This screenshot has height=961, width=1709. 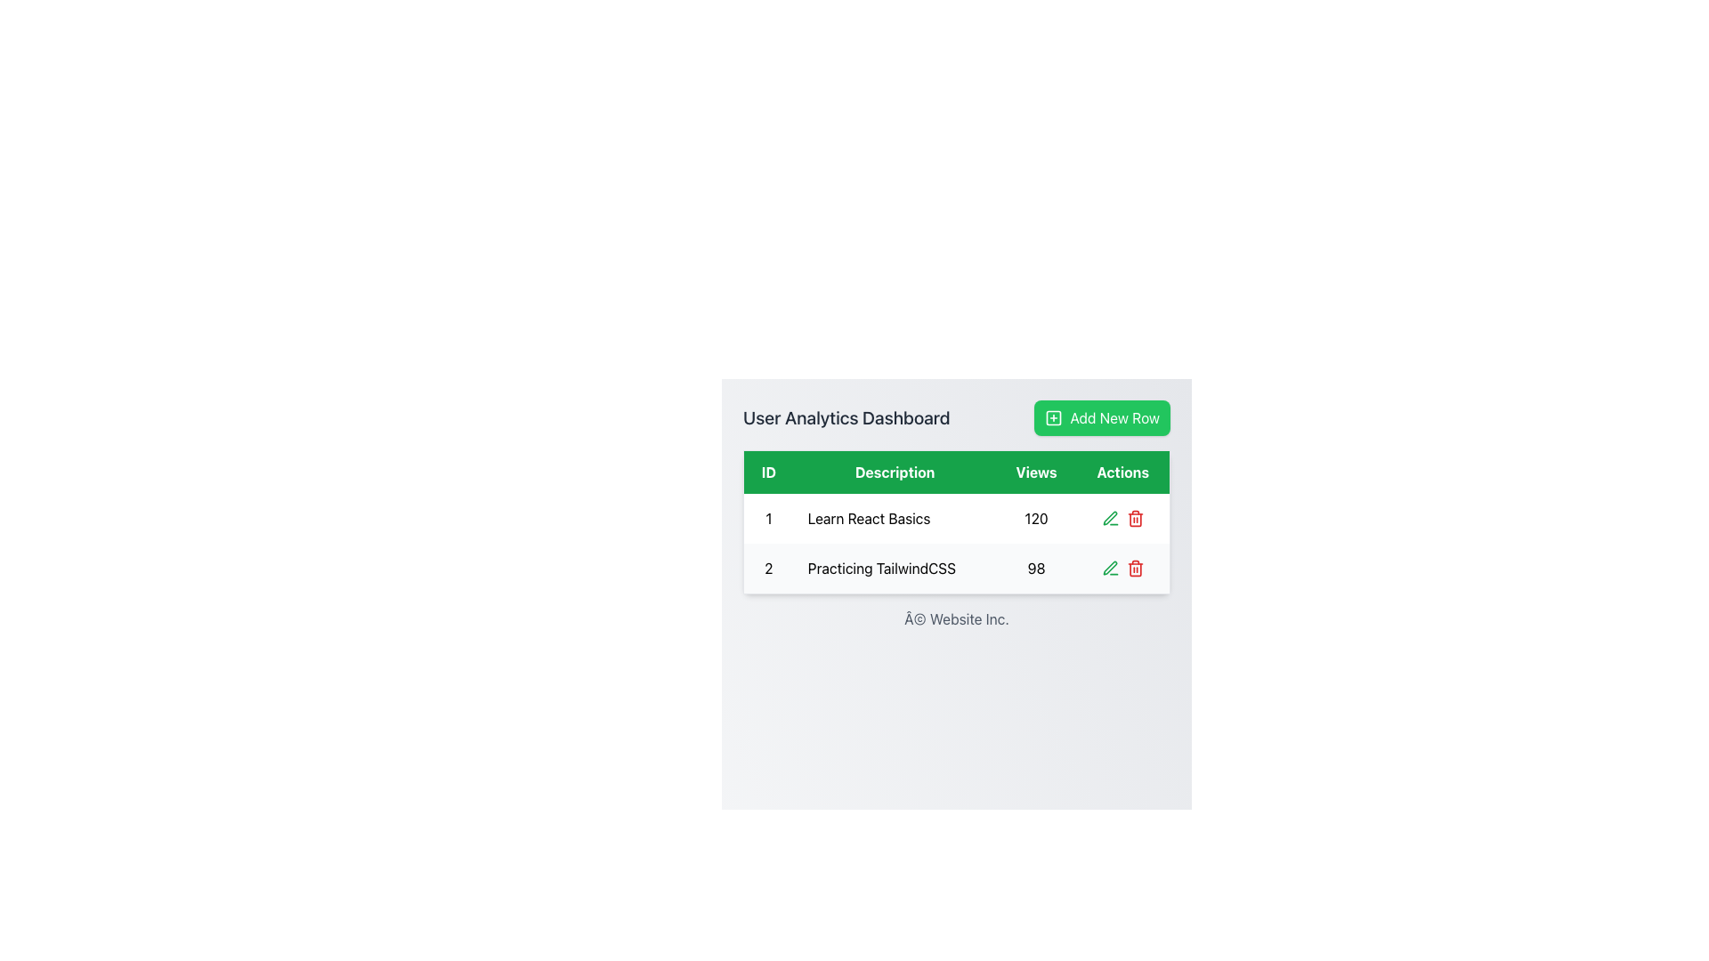 What do you see at coordinates (1109, 518) in the screenshot?
I see `the edit icon button located in the 'Actions' column of the row, positioned to the left of the red delete icon` at bounding box center [1109, 518].